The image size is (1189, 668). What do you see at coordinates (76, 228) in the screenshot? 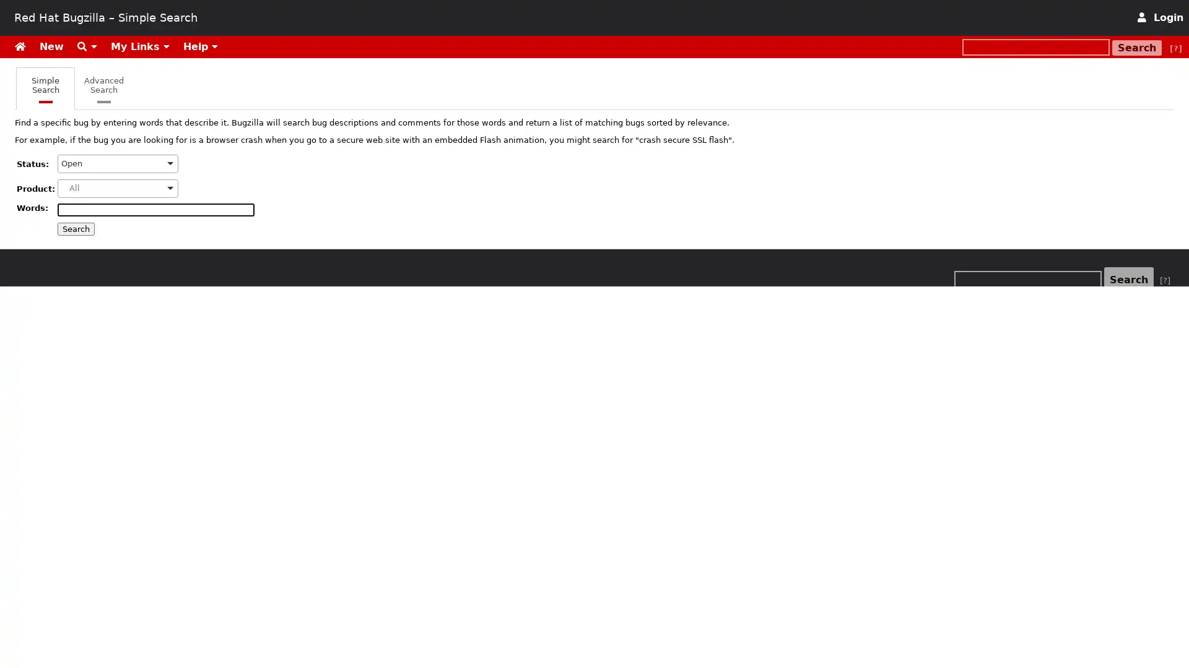
I see `Search` at bounding box center [76, 228].